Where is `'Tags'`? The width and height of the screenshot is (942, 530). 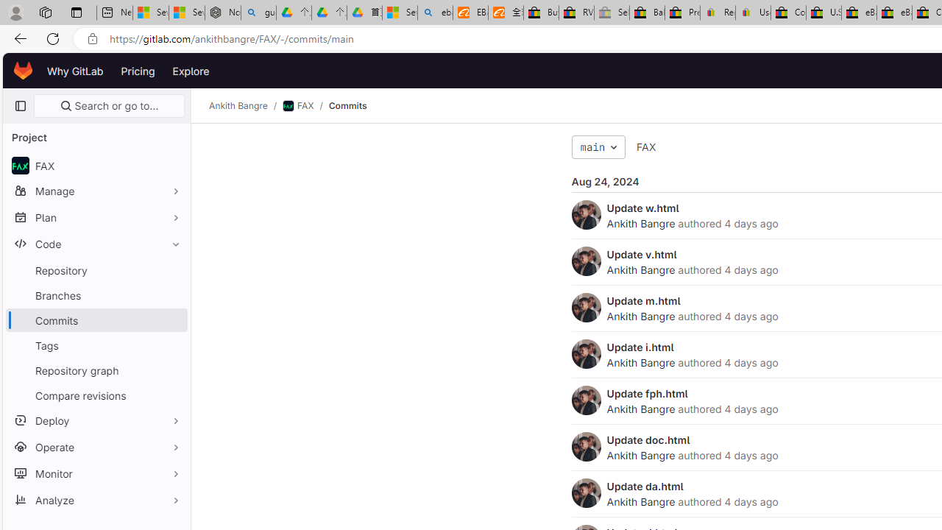 'Tags' is located at coordinates (96, 345).